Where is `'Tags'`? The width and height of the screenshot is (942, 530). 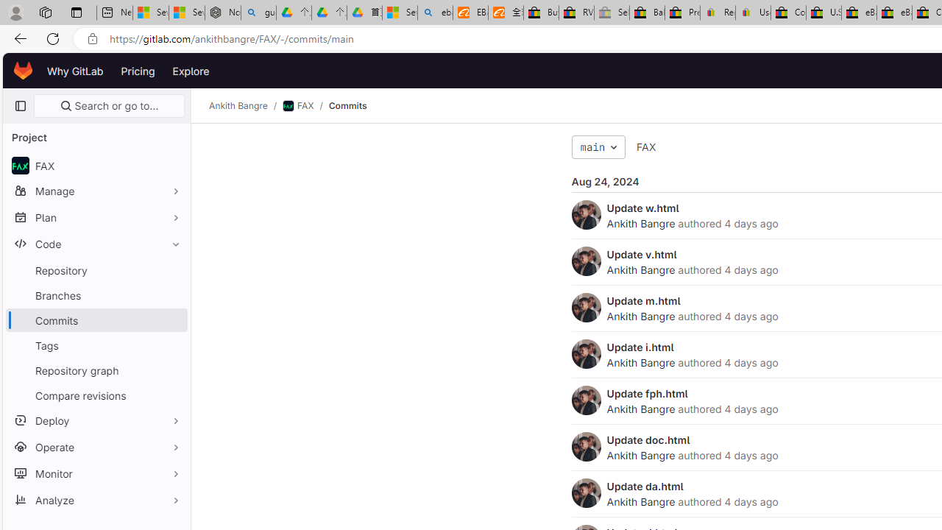 'Tags' is located at coordinates (96, 345).